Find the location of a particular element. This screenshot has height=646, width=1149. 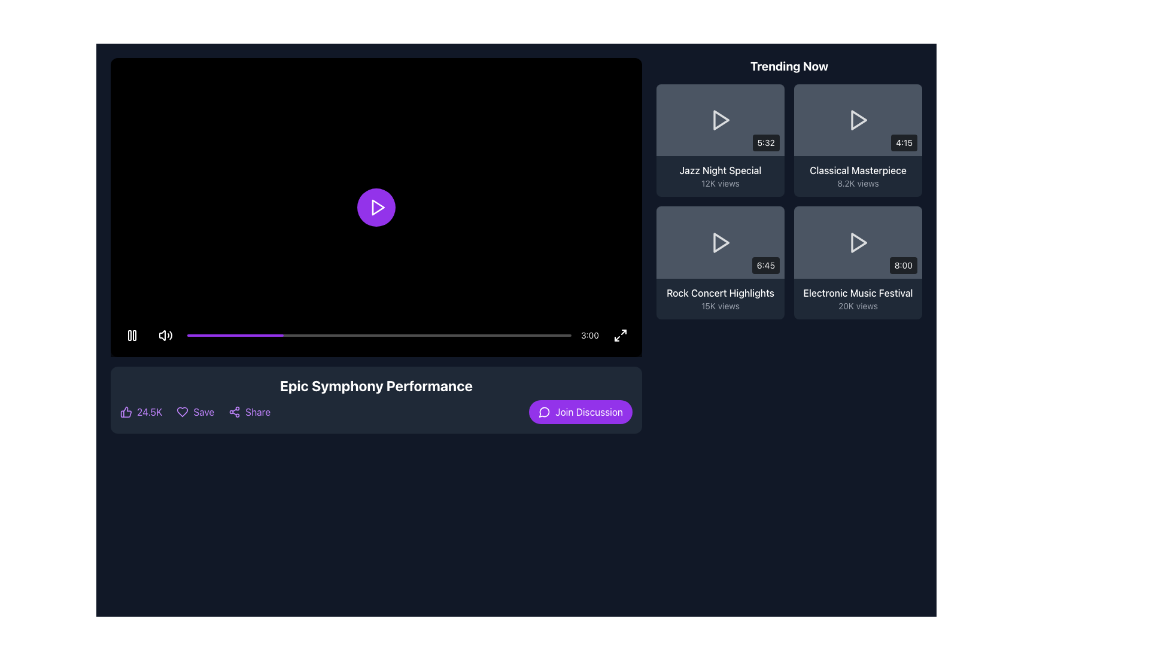

the time indicator on the Media Control Bar, which provides visual feedback on playback progress and is located at the bottom of the media player interface is located at coordinates (375, 334).